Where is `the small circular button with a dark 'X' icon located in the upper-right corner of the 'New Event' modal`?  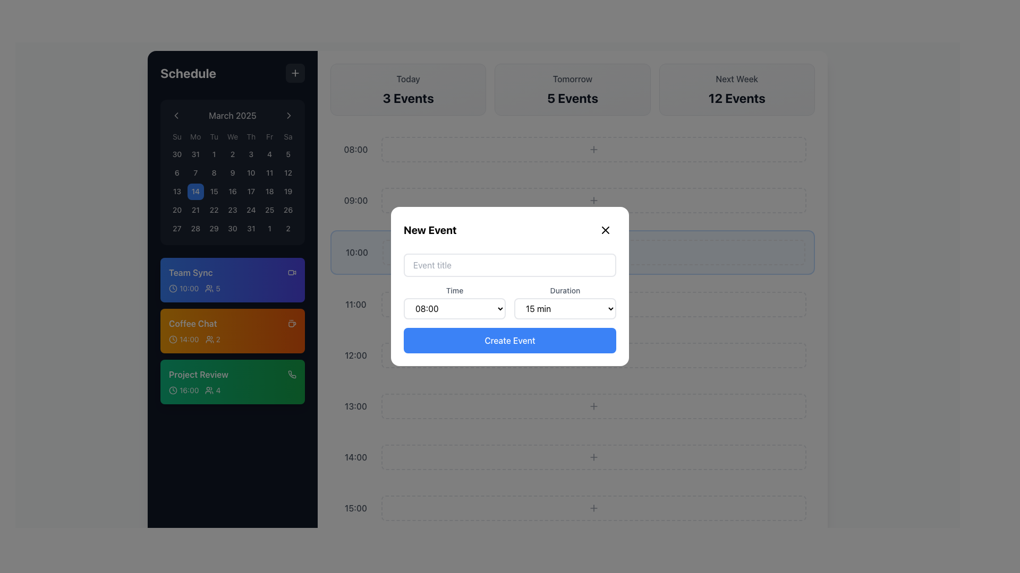
the small circular button with a dark 'X' icon located in the upper-right corner of the 'New Event' modal is located at coordinates (606, 230).